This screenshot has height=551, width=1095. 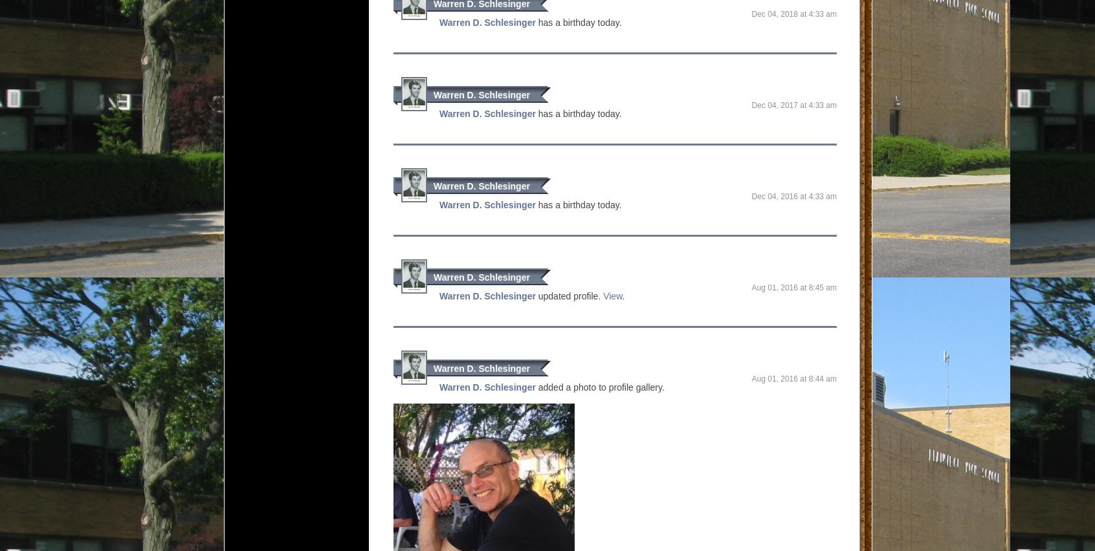 I want to click on 'View', so click(x=612, y=296).